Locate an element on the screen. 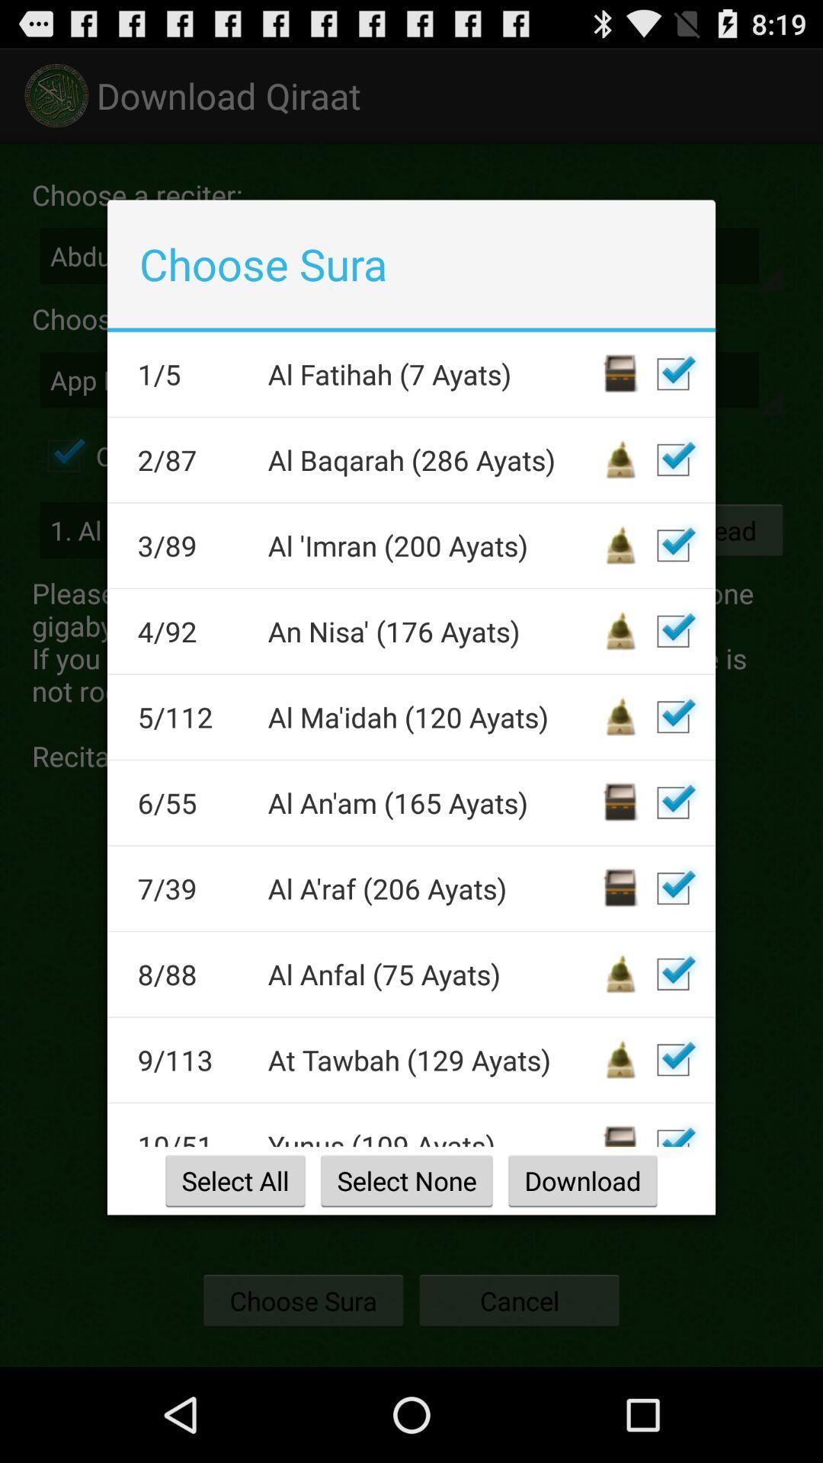  tick box is located at coordinates (672, 802).